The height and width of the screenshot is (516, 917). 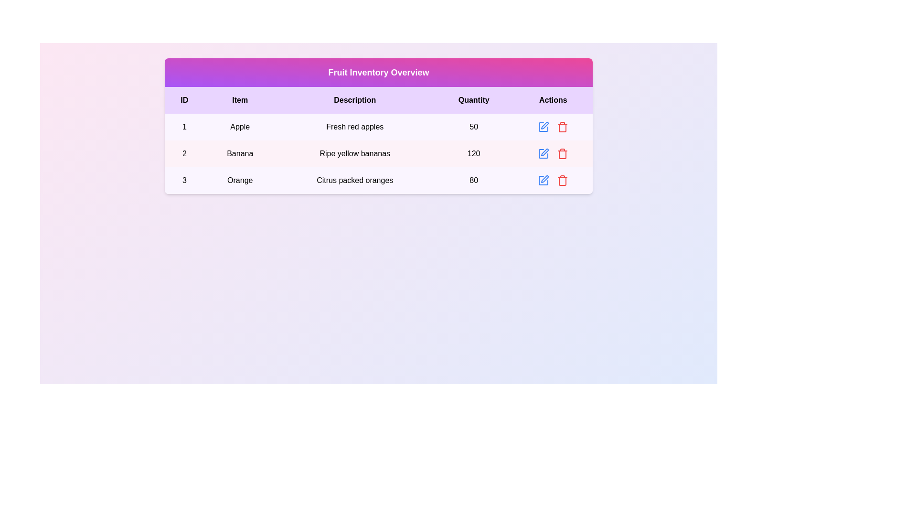 I want to click on the header text 'Fruit Inventory Overview' to observe any changes, so click(x=378, y=72).